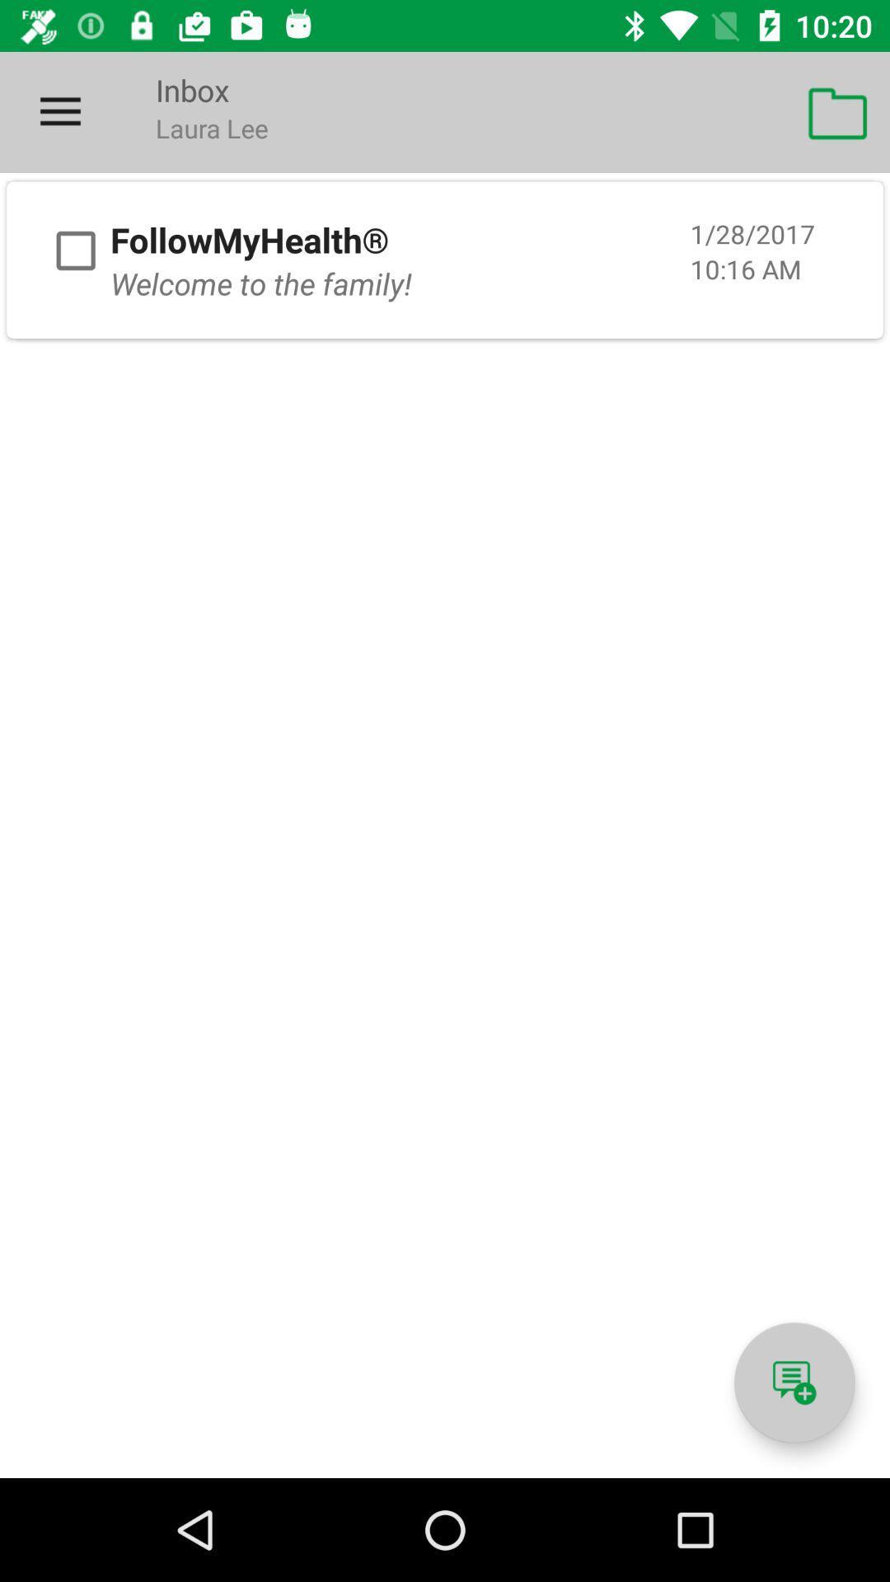 The height and width of the screenshot is (1582, 890). What do you see at coordinates (59, 111) in the screenshot?
I see `icon to the left of inbox` at bounding box center [59, 111].